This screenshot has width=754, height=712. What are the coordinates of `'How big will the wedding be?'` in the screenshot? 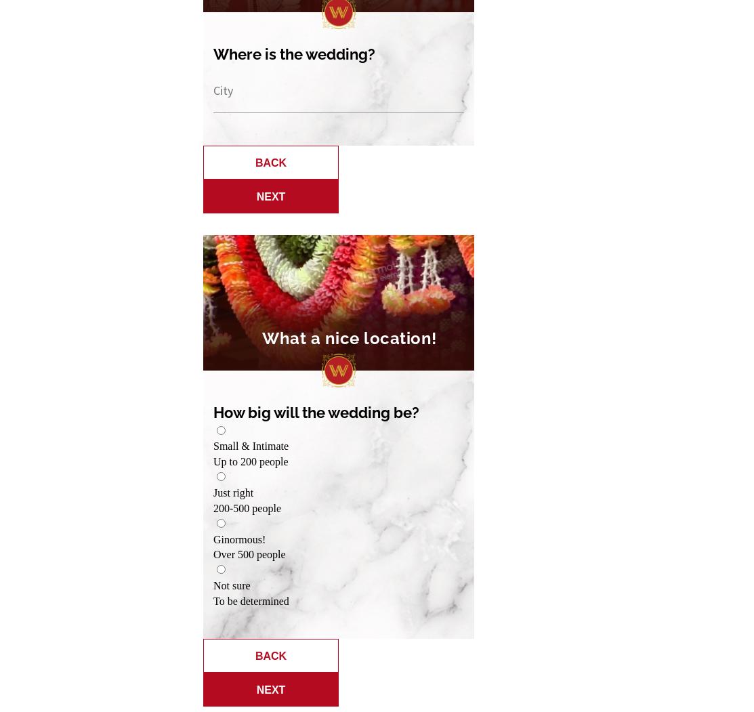 It's located at (316, 411).